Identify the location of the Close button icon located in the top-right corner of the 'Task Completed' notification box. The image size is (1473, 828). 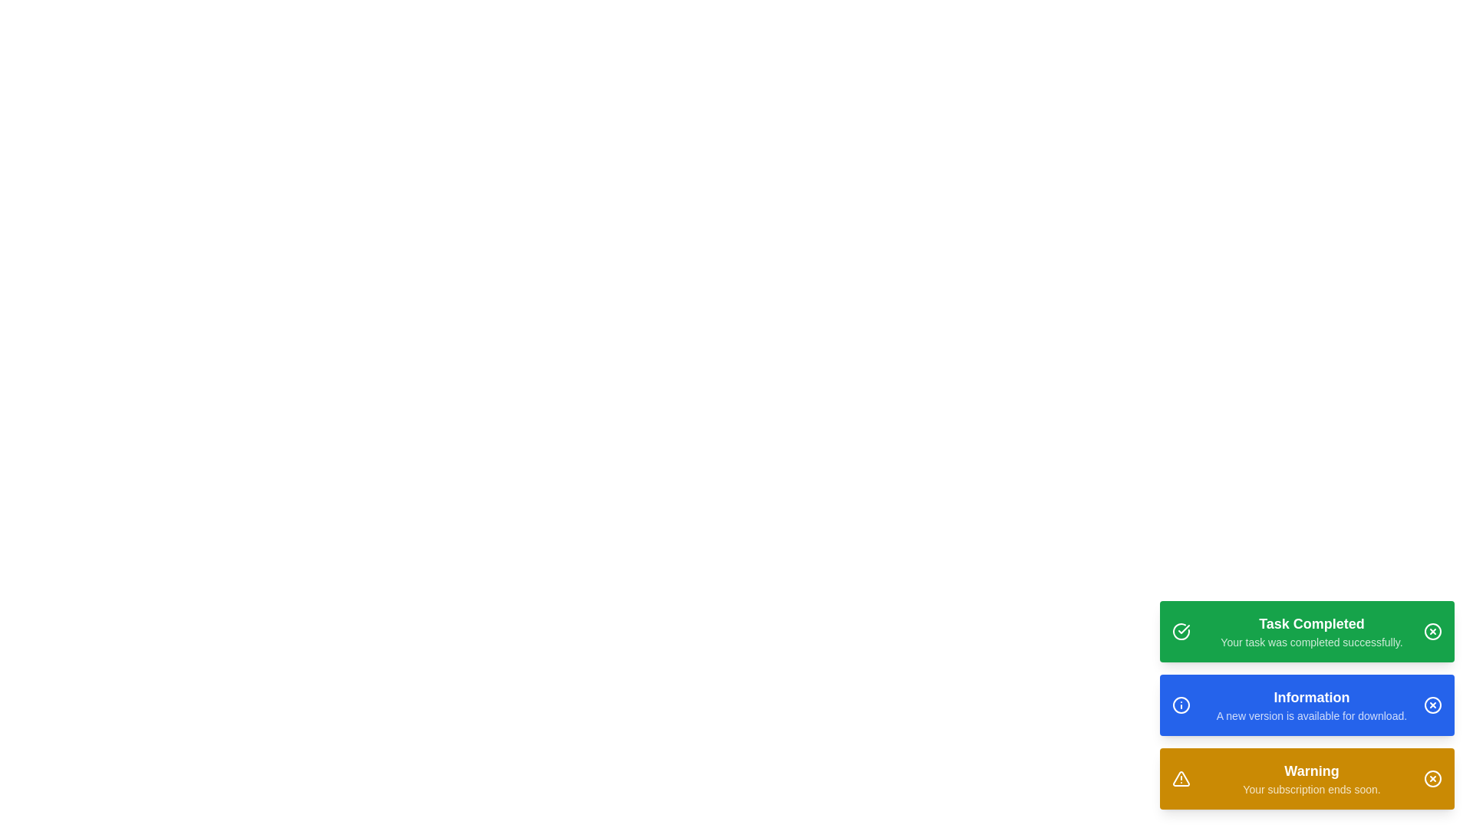
(1432, 632).